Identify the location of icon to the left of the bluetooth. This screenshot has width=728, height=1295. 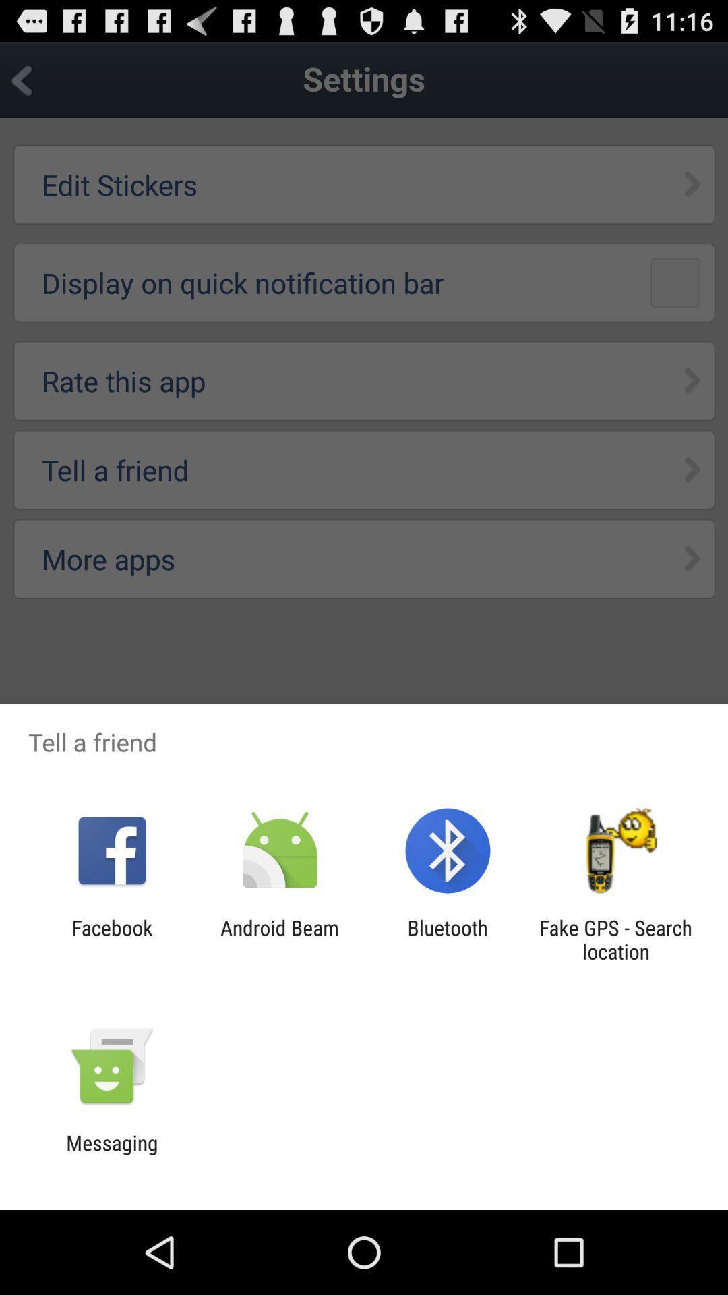
(279, 939).